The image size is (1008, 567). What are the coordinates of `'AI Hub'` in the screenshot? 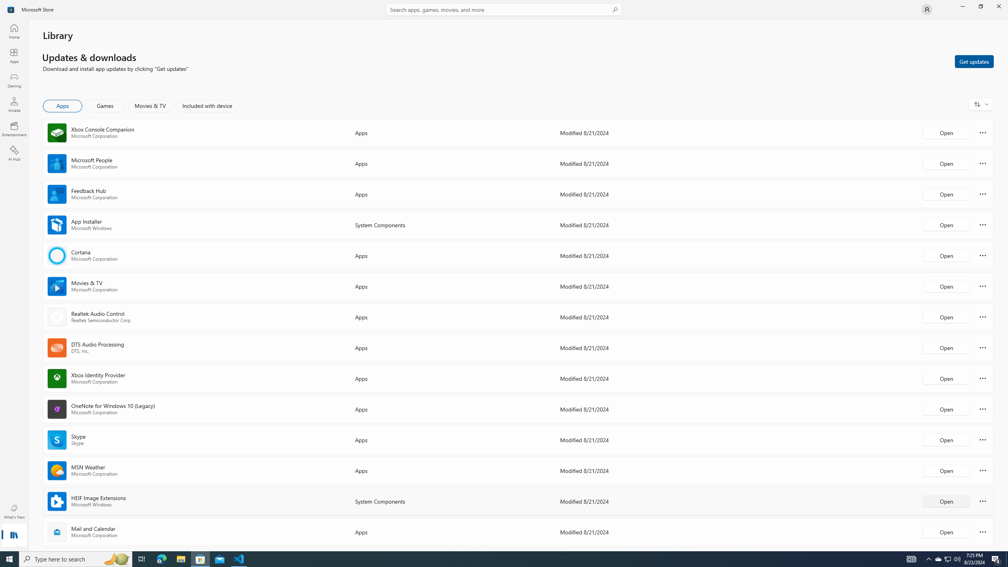 It's located at (13, 153).